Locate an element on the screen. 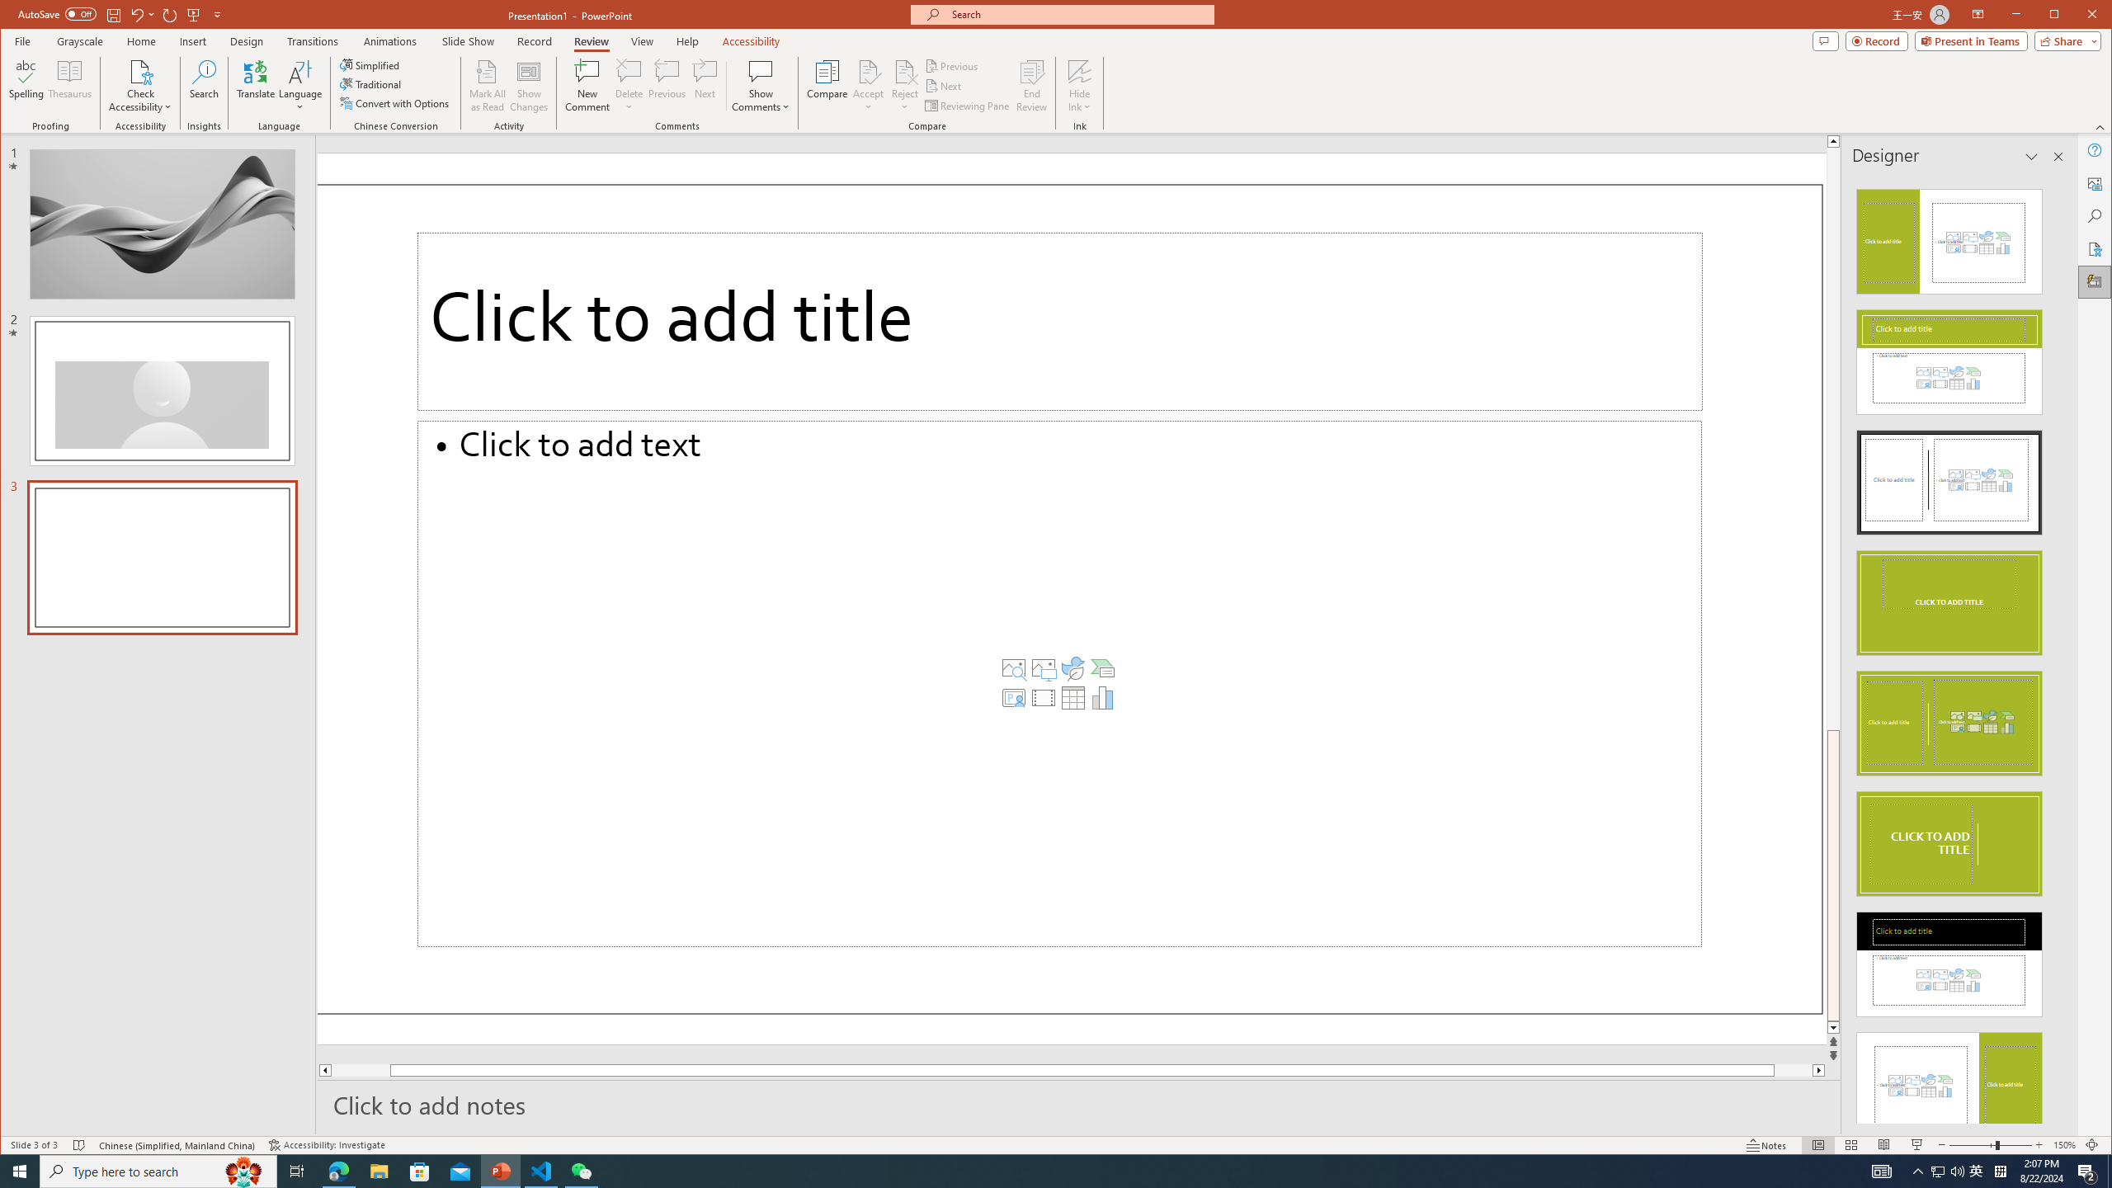 Image resolution: width=2112 pixels, height=1188 pixels. 'New Comment' is located at coordinates (587, 85).